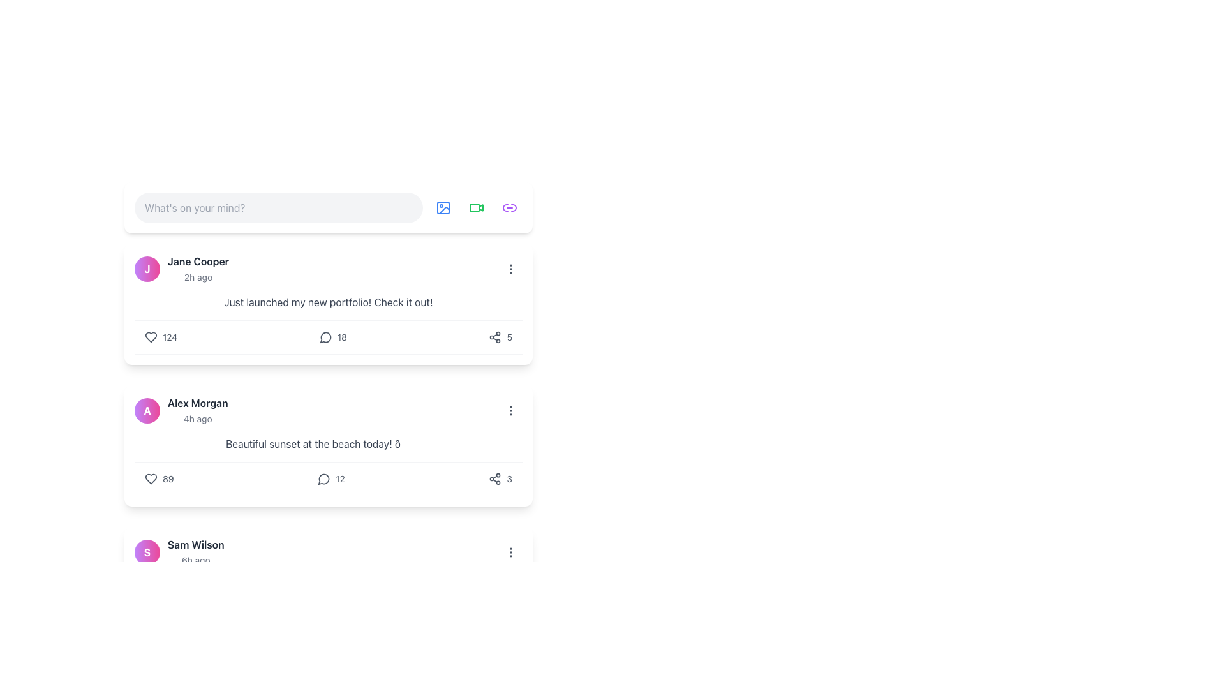  Describe the element at coordinates (181, 268) in the screenshot. I see `the user name located at the top-left of the card component for the first post` at that location.